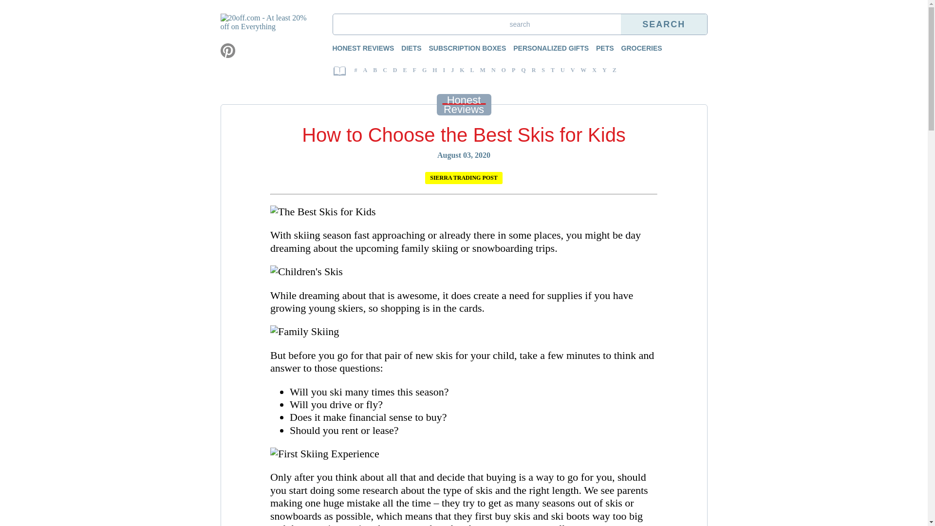 This screenshot has width=935, height=526. What do you see at coordinates (374, 70) in the screenshot?
I see `'B'` at bounding box center [374, 70].